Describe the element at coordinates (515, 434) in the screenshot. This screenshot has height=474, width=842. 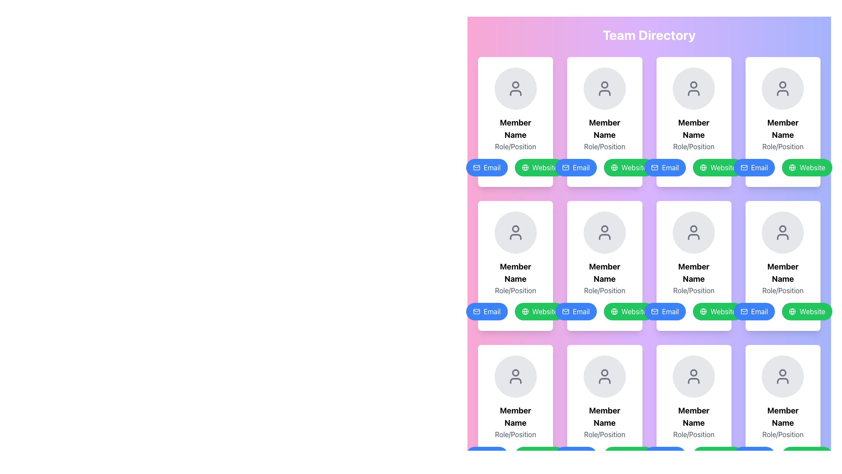
I see `the text element labeled 'Role/Position' which is styled in gray, located directly below 'Member Name' in the card structure` at that location.